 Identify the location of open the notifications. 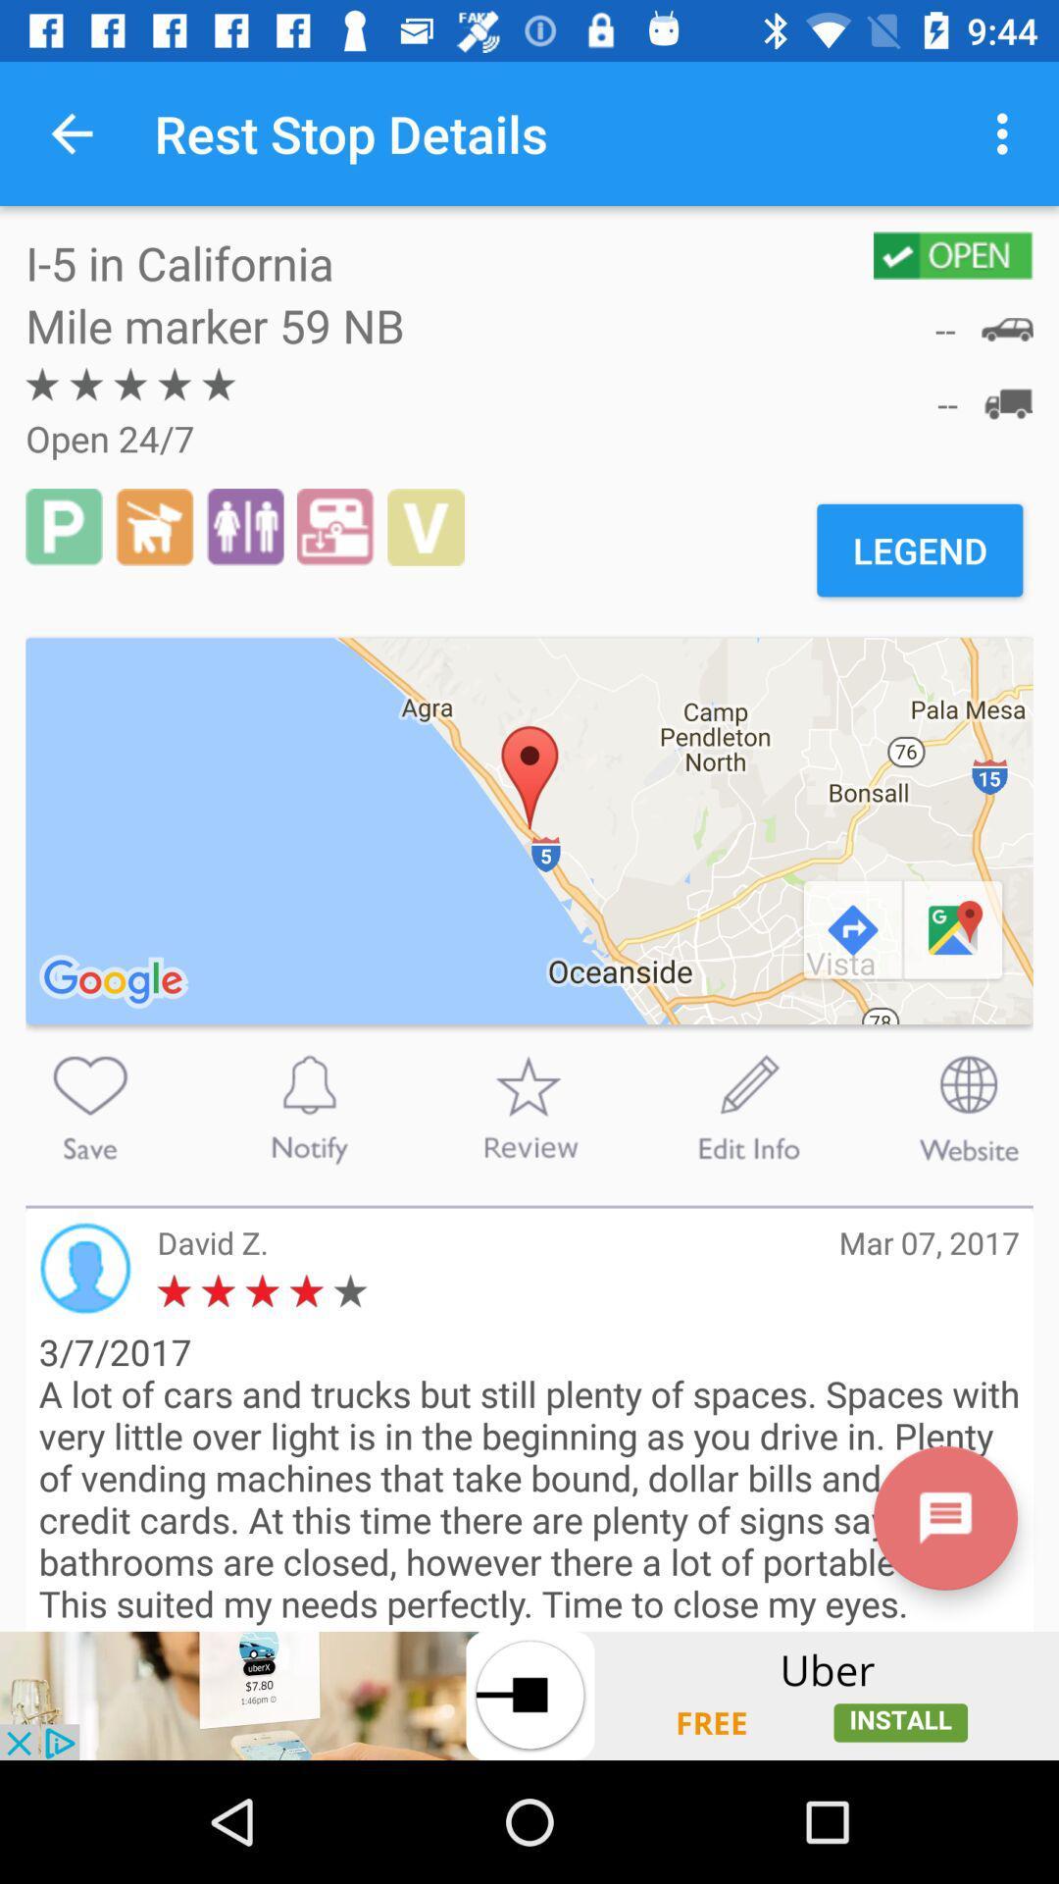
(309, 1108).